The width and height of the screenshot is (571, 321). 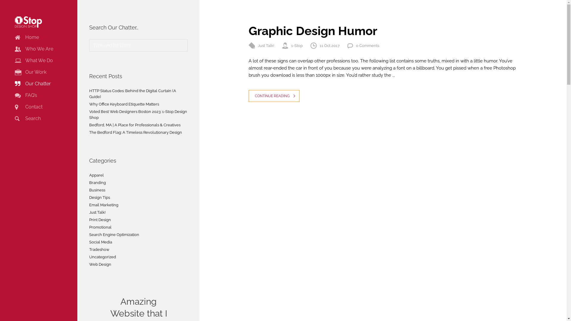 What do you see at coordinates (96, 175) in the screenshot?
I see `'Apparel'` at bounding box center [96, 175].